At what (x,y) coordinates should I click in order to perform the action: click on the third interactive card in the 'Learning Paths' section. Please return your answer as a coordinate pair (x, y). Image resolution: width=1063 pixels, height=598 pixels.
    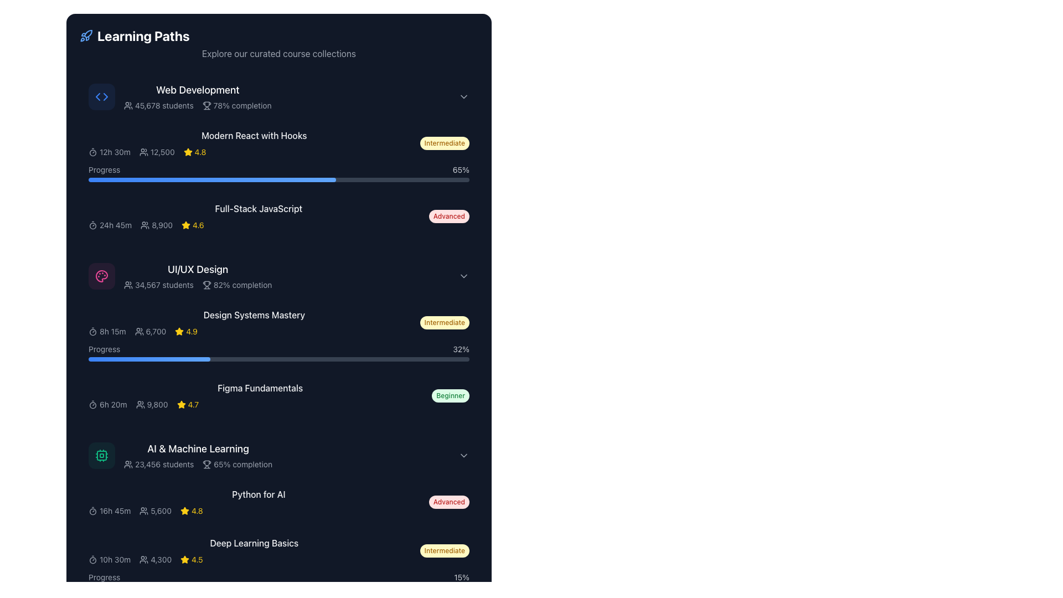
    Looking at the image, I should click on (279, 275).